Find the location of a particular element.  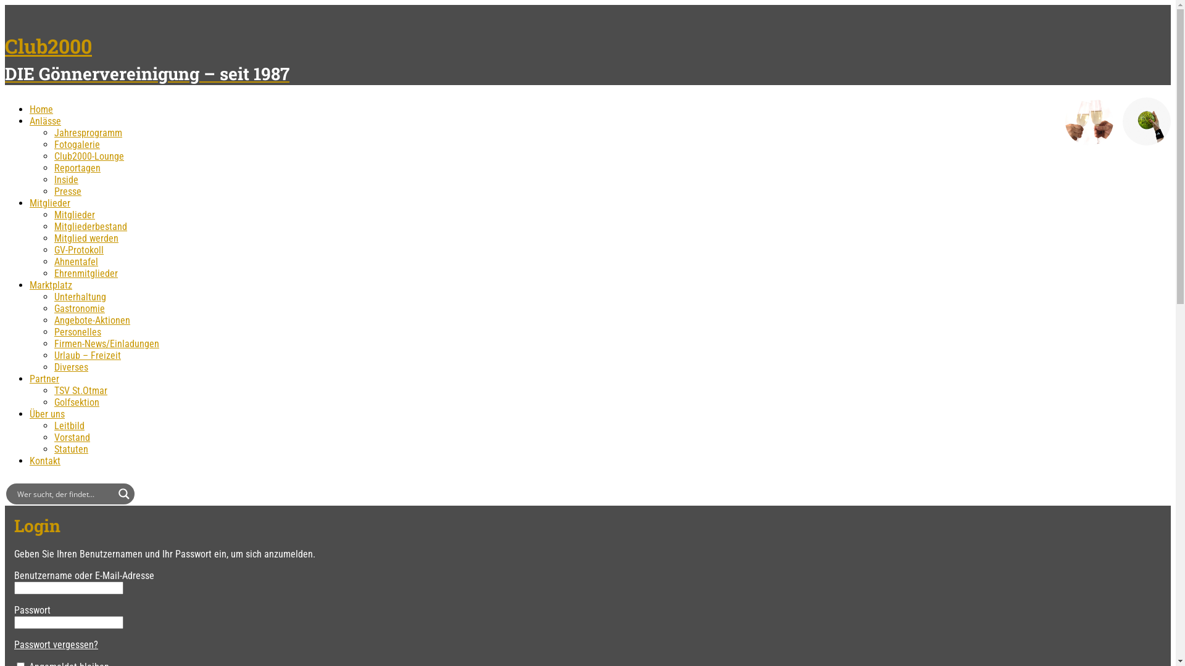

'Club2000-Lounge' is located at coordinates (88, 155).